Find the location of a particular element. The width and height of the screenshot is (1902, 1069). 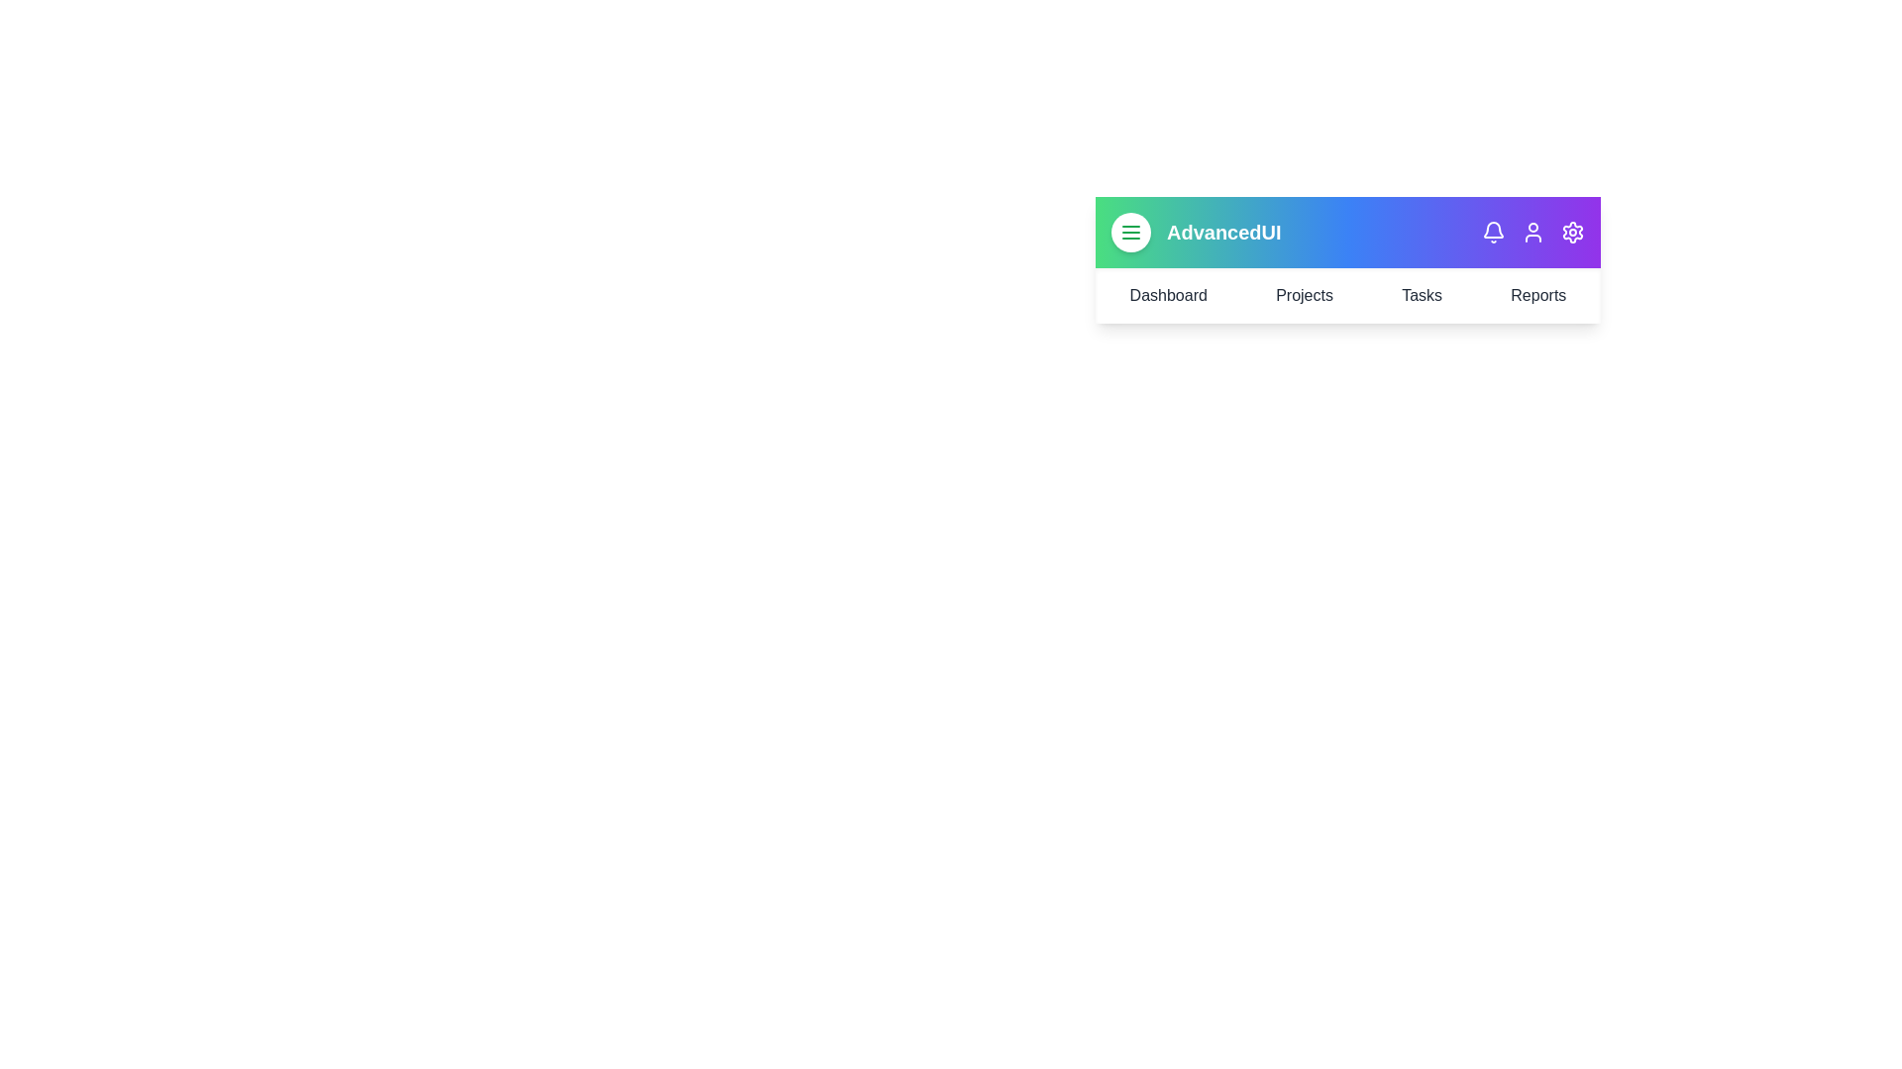

menu toggle button to toggle the menu visibility is located at coordinates (1131, 232).